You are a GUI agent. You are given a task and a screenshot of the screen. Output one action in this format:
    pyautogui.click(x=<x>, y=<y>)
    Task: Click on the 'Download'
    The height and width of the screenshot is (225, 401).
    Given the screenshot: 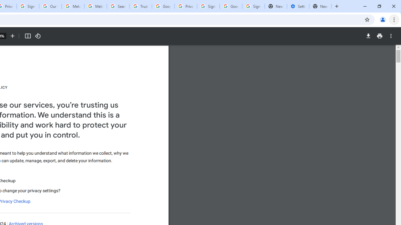 What is the action you would take?
    pyautogui.click(x=368, y=36)
    